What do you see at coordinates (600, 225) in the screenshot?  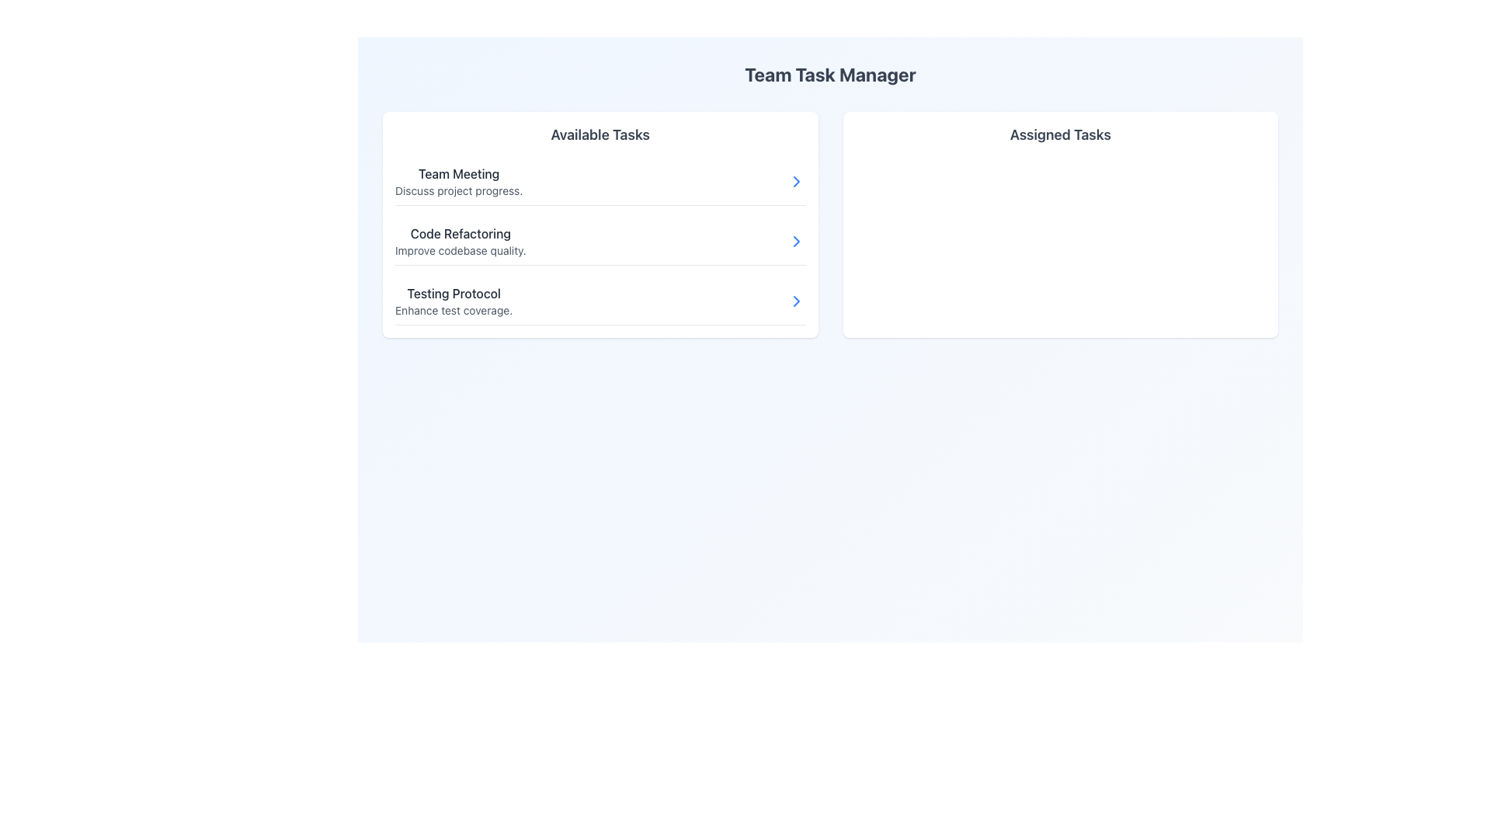 I see `the 'Code Refactoring' task list item, which displays the task details and allows access to additional options` at bounding box center [600, 225].